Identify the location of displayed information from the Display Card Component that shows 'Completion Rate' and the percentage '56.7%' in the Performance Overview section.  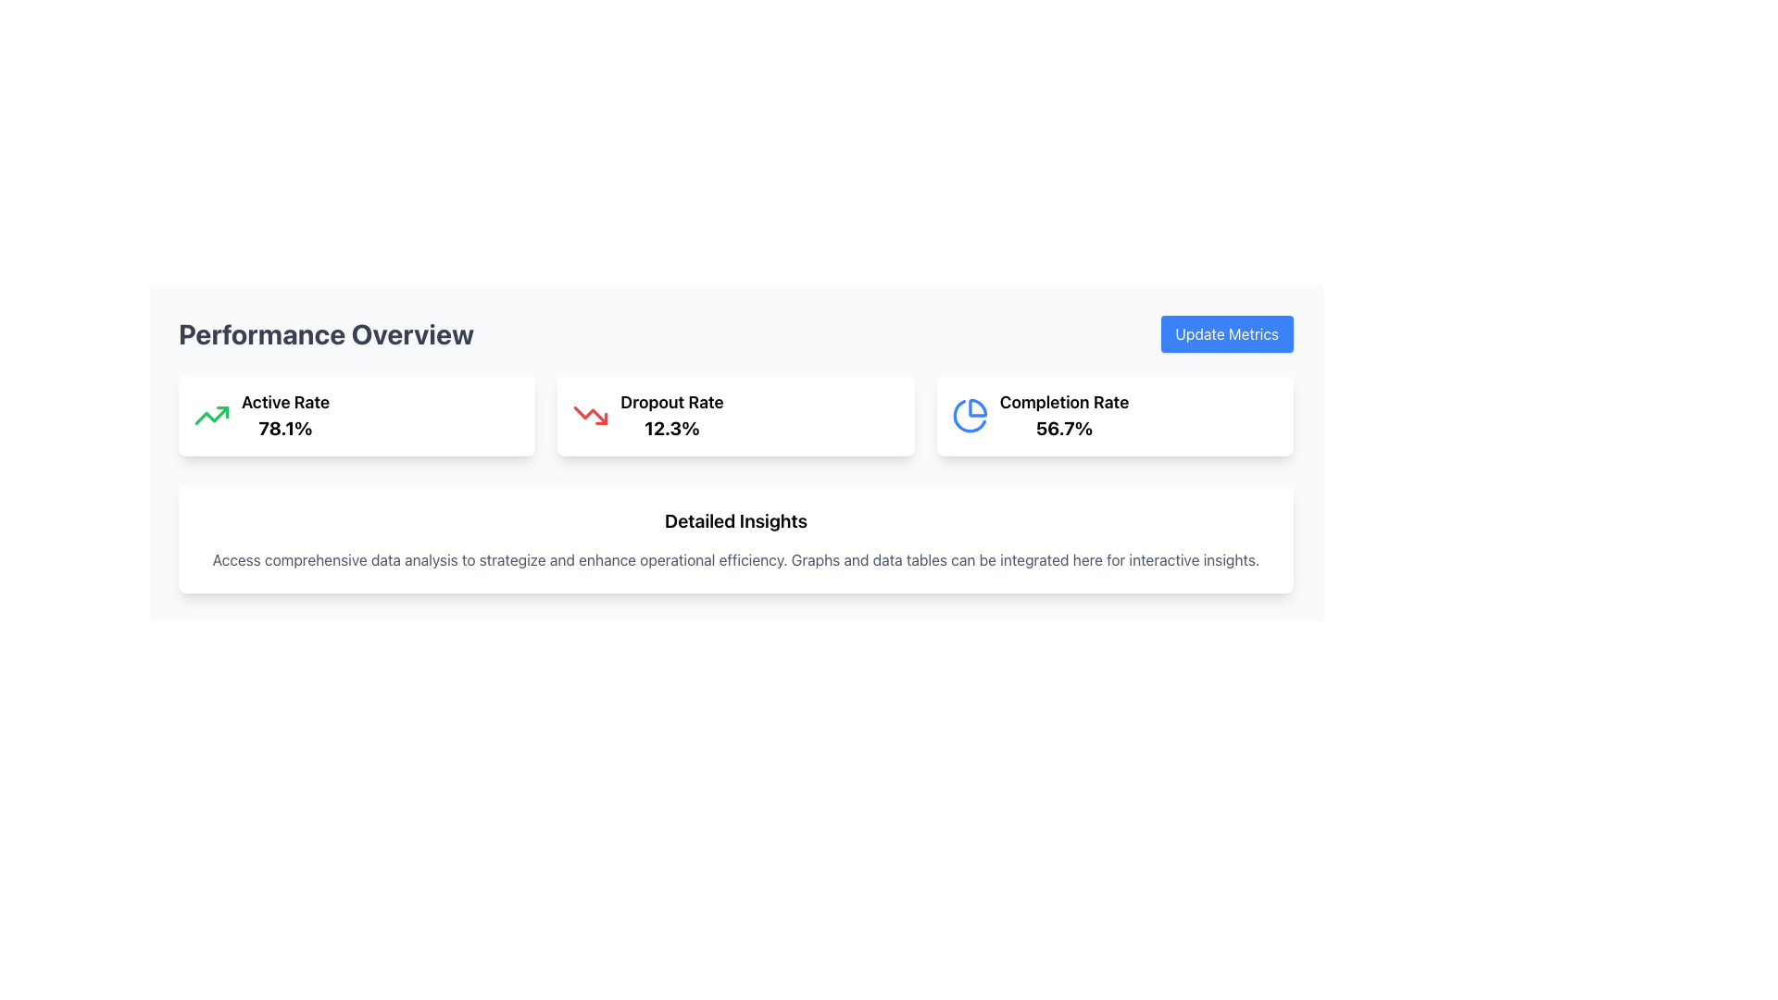
(1064, 414).